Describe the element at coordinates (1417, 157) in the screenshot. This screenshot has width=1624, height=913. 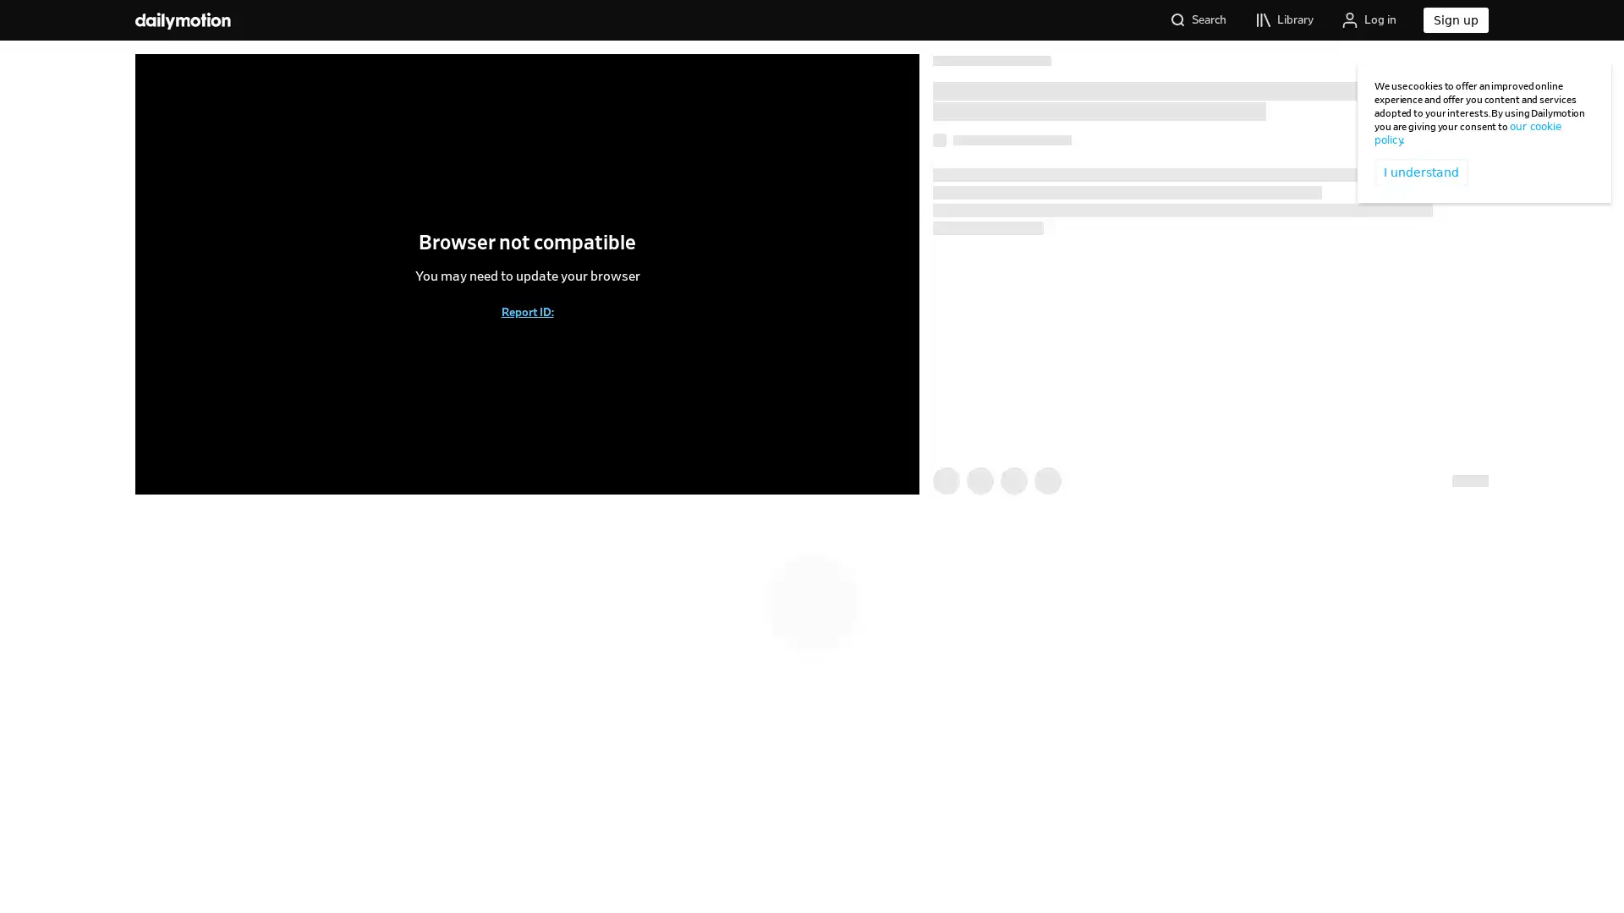
I see `I understand` at that location.